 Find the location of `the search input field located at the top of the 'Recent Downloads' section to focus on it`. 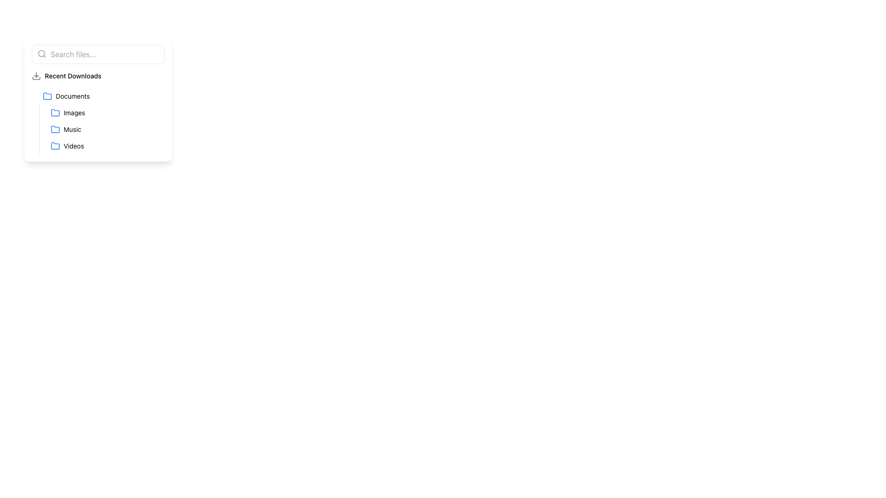

the search input field located at the top of the 'Recent Downloads' section to focus on it is located at coordinates (98, 54).